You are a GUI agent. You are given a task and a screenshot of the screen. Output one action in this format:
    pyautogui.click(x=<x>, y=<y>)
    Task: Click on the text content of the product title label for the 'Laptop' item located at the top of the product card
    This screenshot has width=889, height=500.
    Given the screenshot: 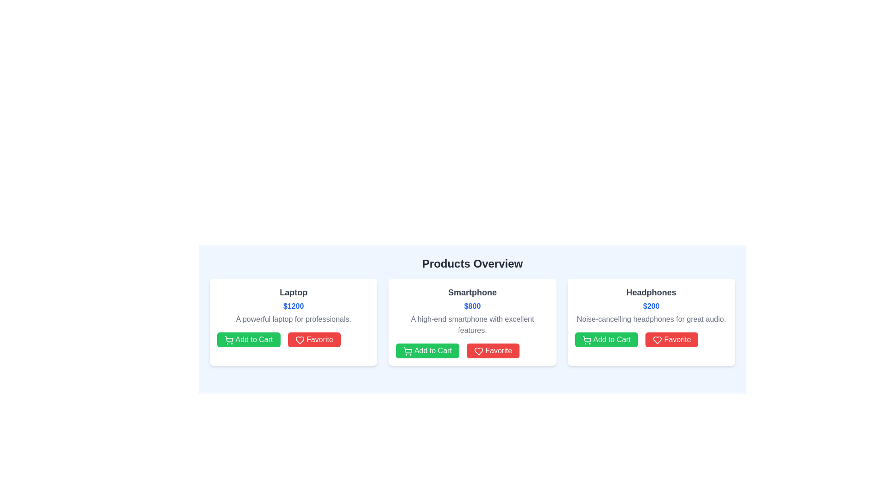 What is the action you would take?
    pyautogui.click(x=293, y=293)
    